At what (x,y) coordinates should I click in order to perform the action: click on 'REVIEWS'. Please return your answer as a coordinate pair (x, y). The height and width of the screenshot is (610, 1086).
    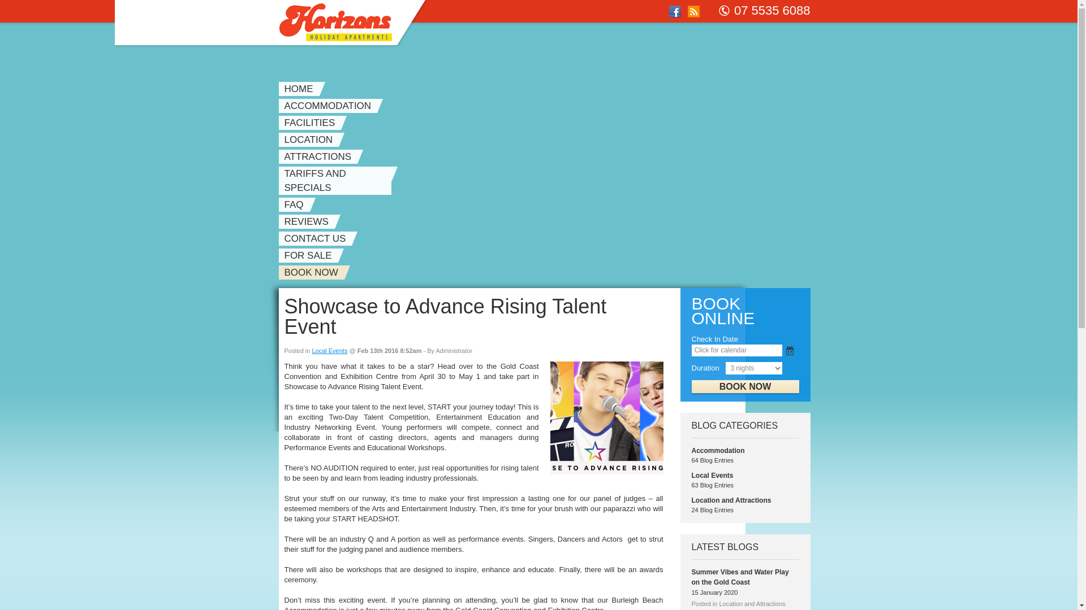
    Looking at the image, I should click on (309, 221).